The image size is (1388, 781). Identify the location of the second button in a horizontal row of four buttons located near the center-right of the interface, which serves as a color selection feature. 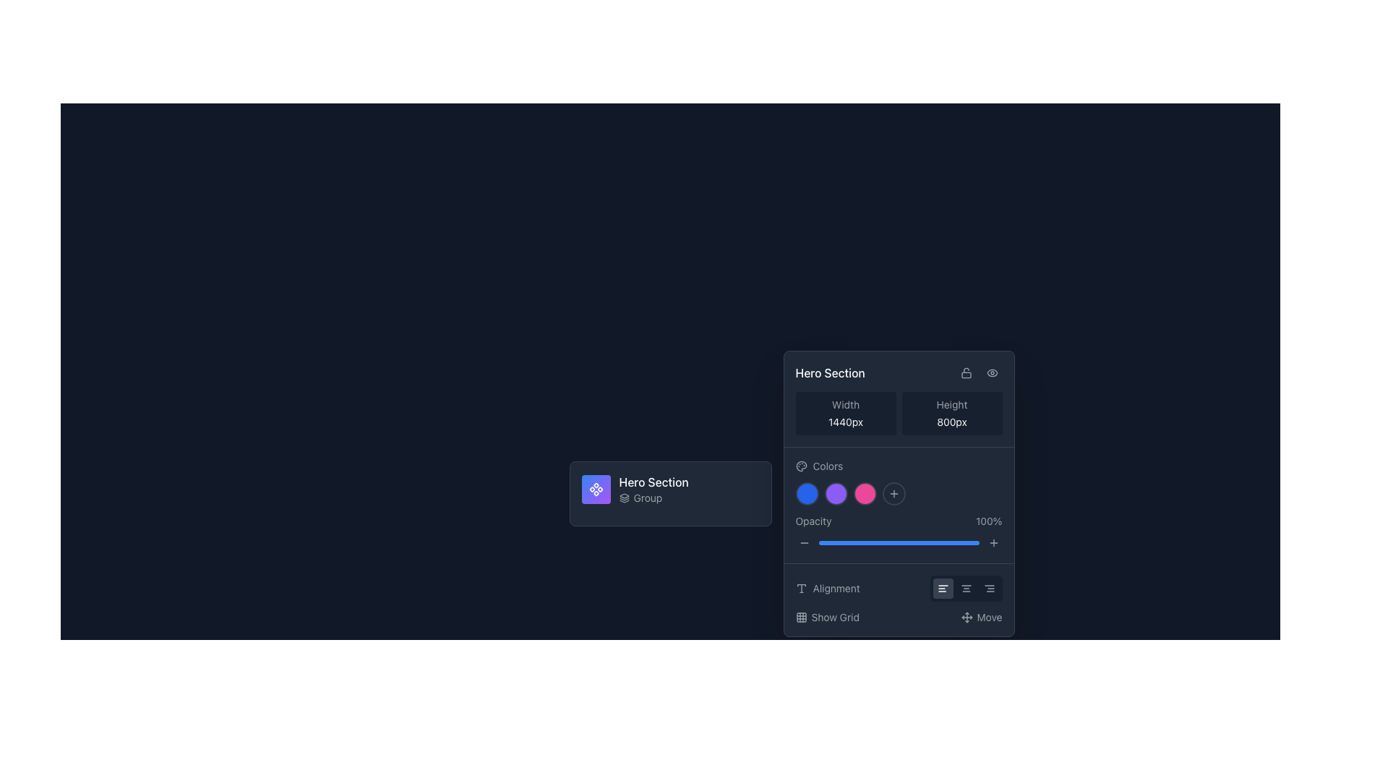
(836, 492).